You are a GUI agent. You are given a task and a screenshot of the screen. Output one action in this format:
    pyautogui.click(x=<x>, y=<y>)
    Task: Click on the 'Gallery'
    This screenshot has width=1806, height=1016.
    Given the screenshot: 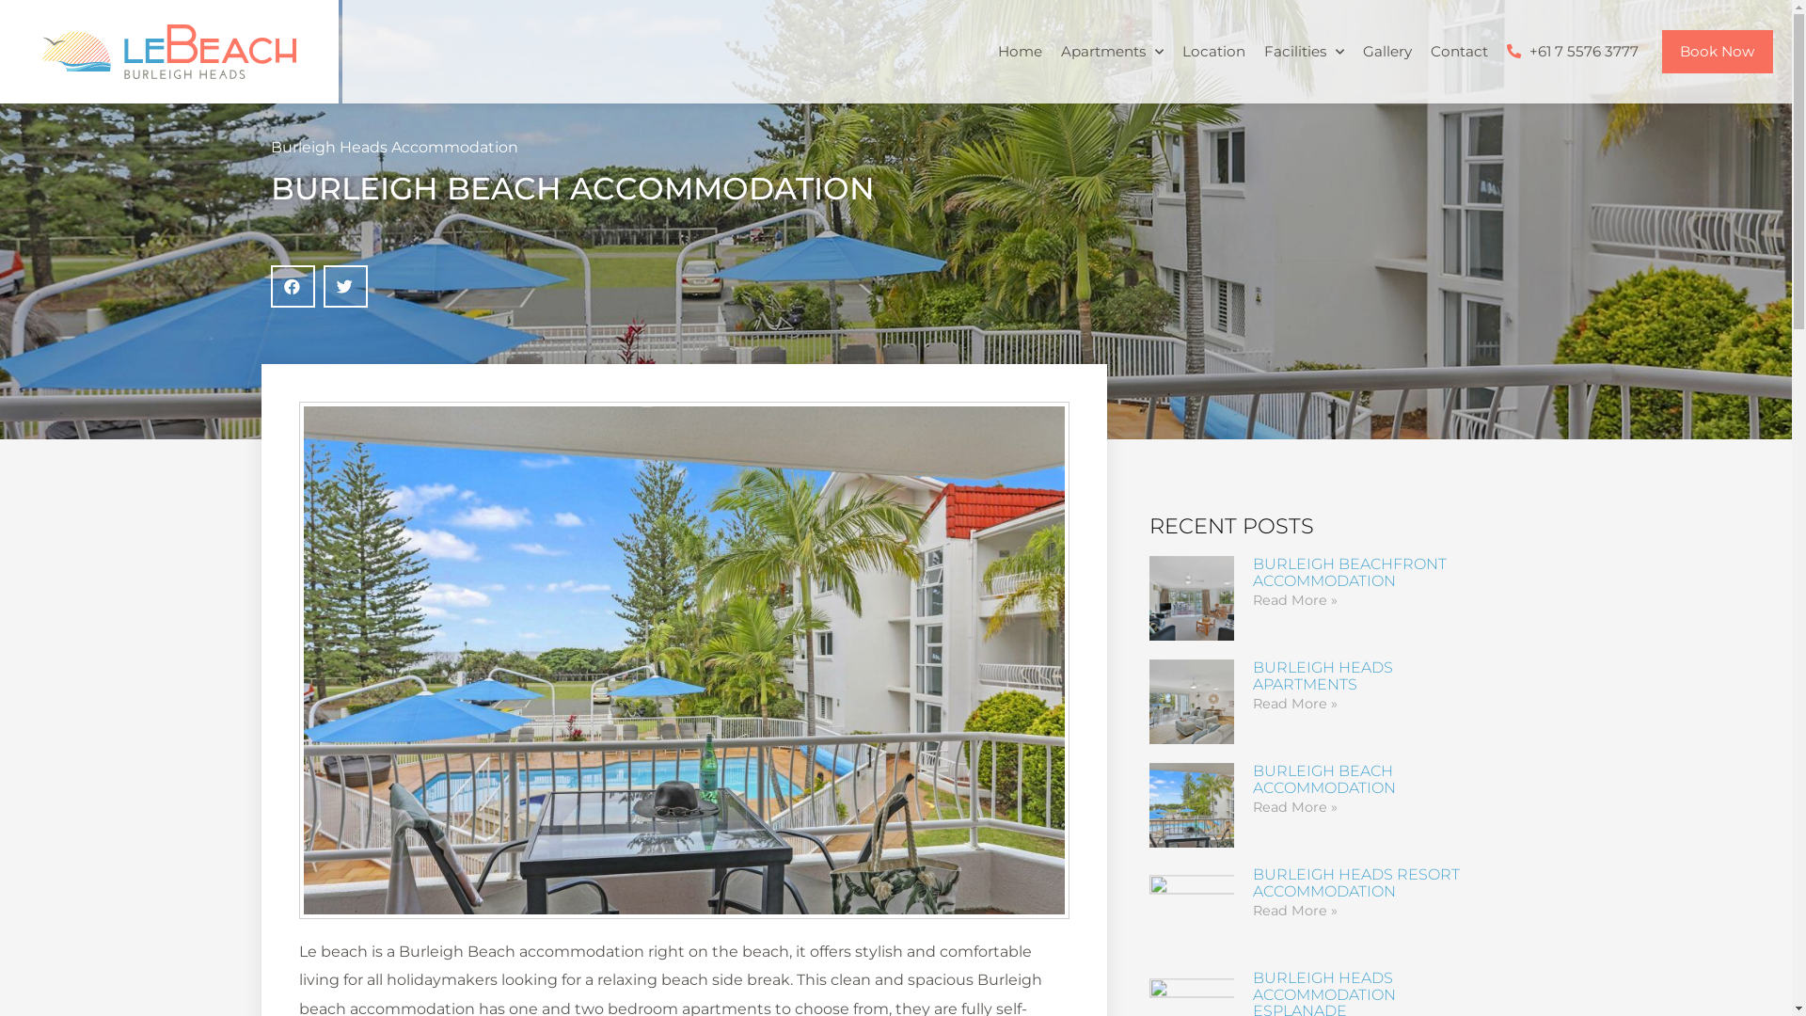 What is the action you would take?
    pyautogui.click(x=1386, y=50)
    